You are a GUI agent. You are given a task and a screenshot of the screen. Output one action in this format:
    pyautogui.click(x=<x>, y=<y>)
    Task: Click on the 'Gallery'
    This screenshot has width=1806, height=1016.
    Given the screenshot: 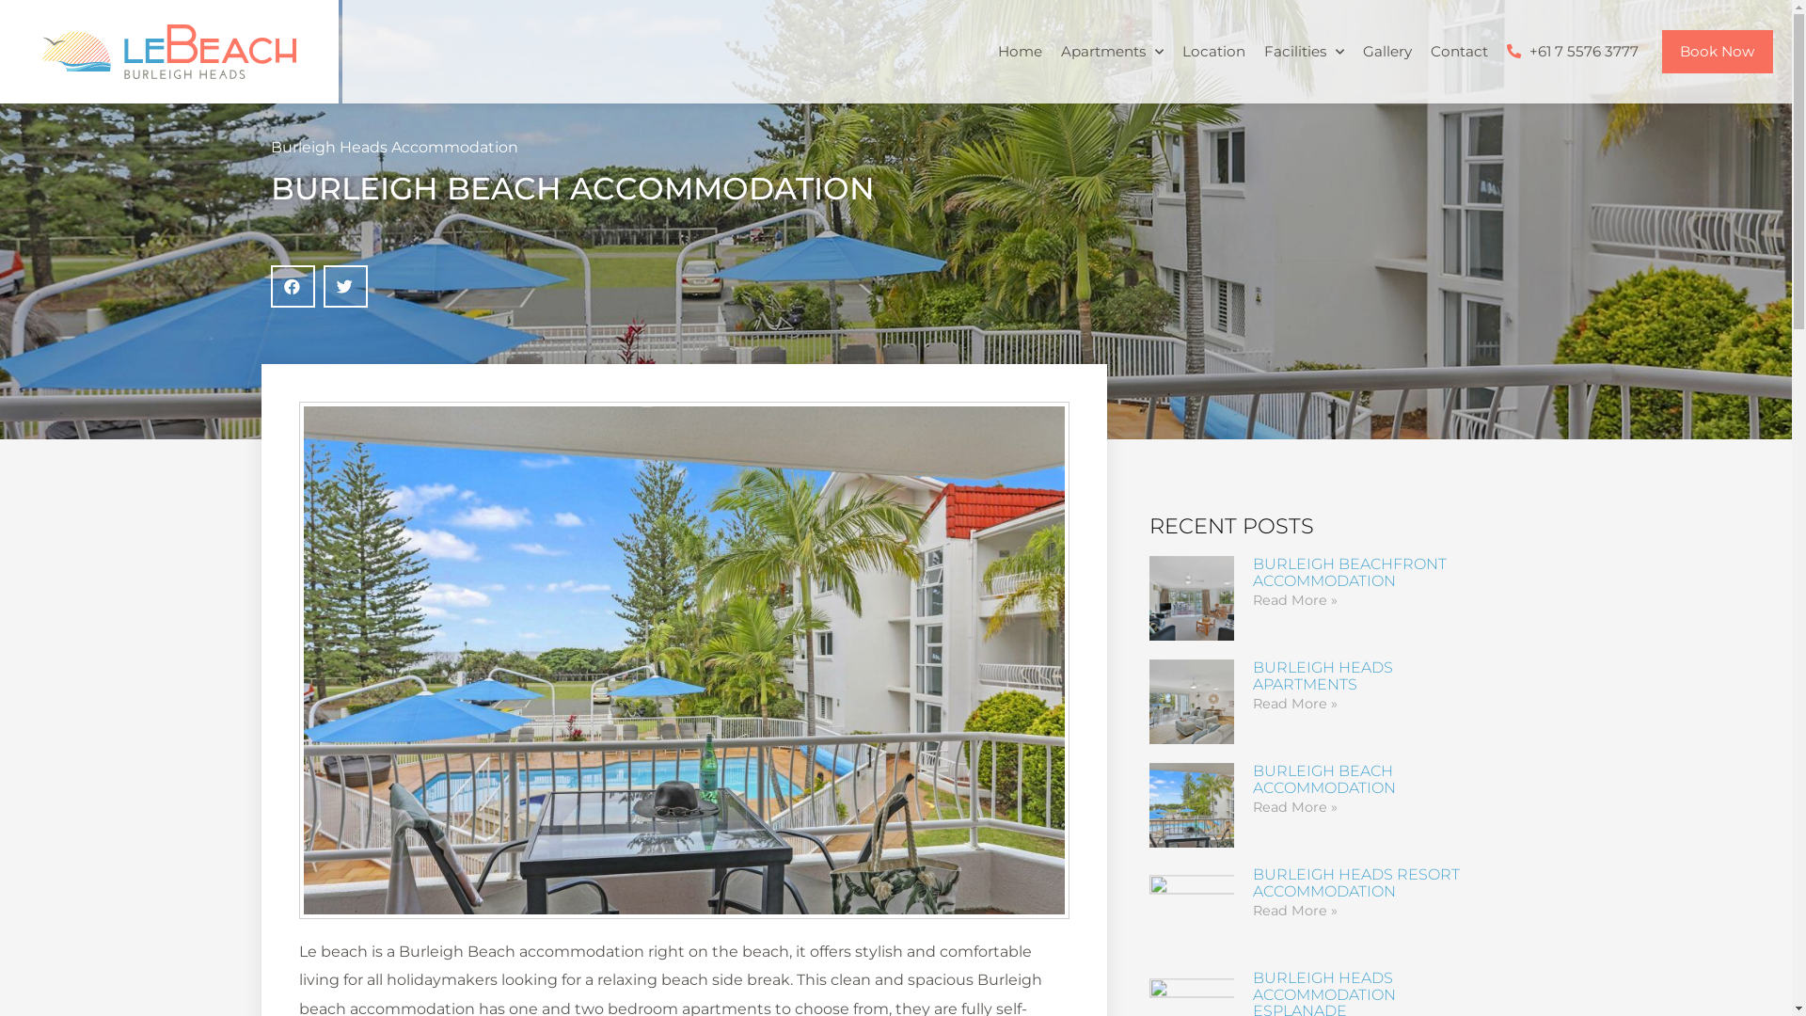 What is the action you would take?
    pyautogui.click(x=1386, y=50)
    